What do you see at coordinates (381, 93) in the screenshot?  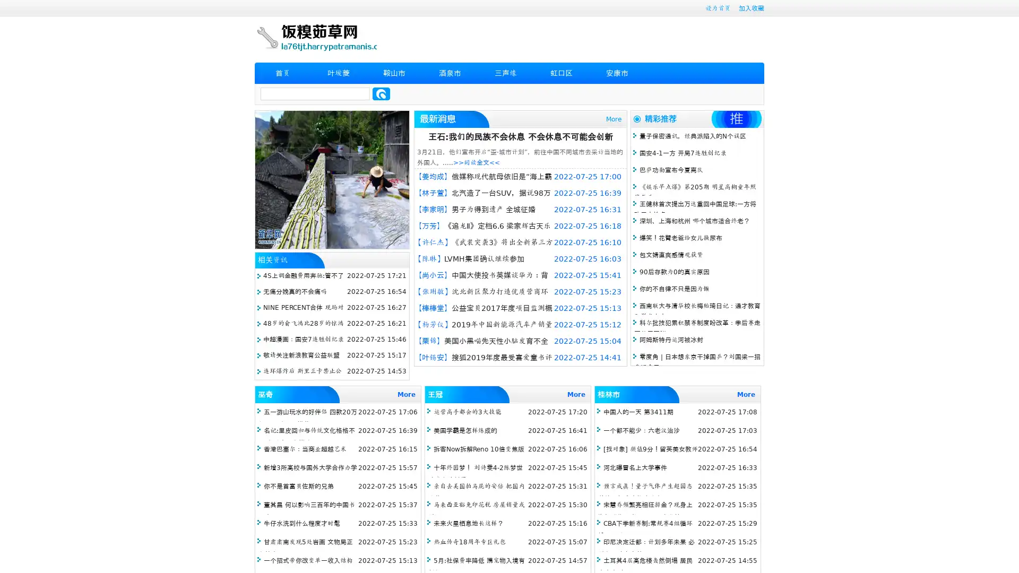 I see `Search` at bounding box center [381, 93].